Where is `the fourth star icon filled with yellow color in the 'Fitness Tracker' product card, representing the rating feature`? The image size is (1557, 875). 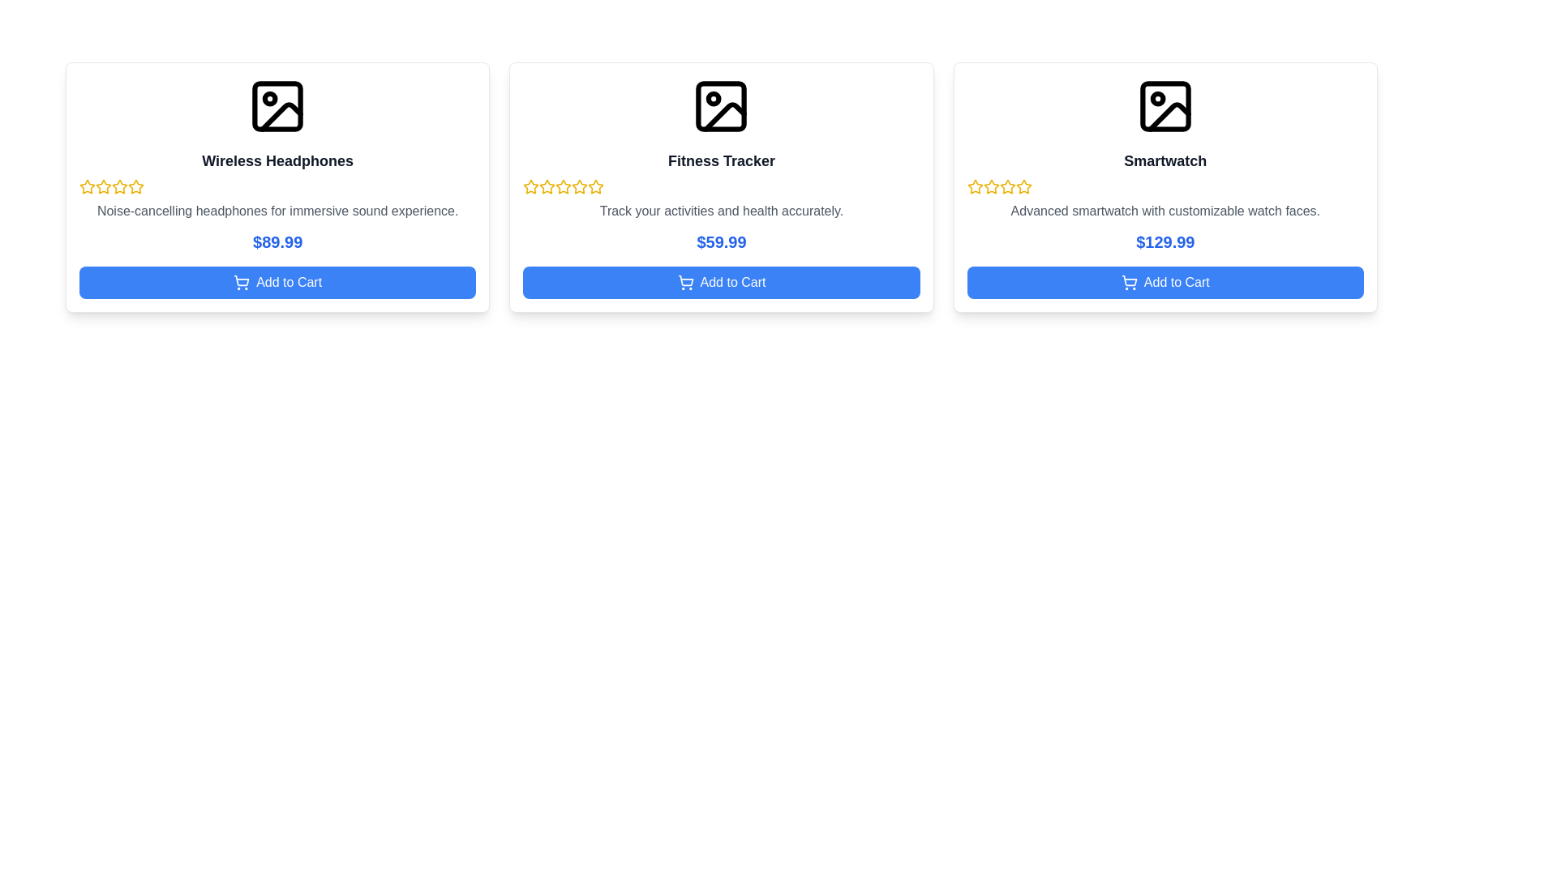
the fourth star icon filled with yellow color in the 'Fitness Tracker' product card, representing the rating feature is located at coordinates (595, 186).